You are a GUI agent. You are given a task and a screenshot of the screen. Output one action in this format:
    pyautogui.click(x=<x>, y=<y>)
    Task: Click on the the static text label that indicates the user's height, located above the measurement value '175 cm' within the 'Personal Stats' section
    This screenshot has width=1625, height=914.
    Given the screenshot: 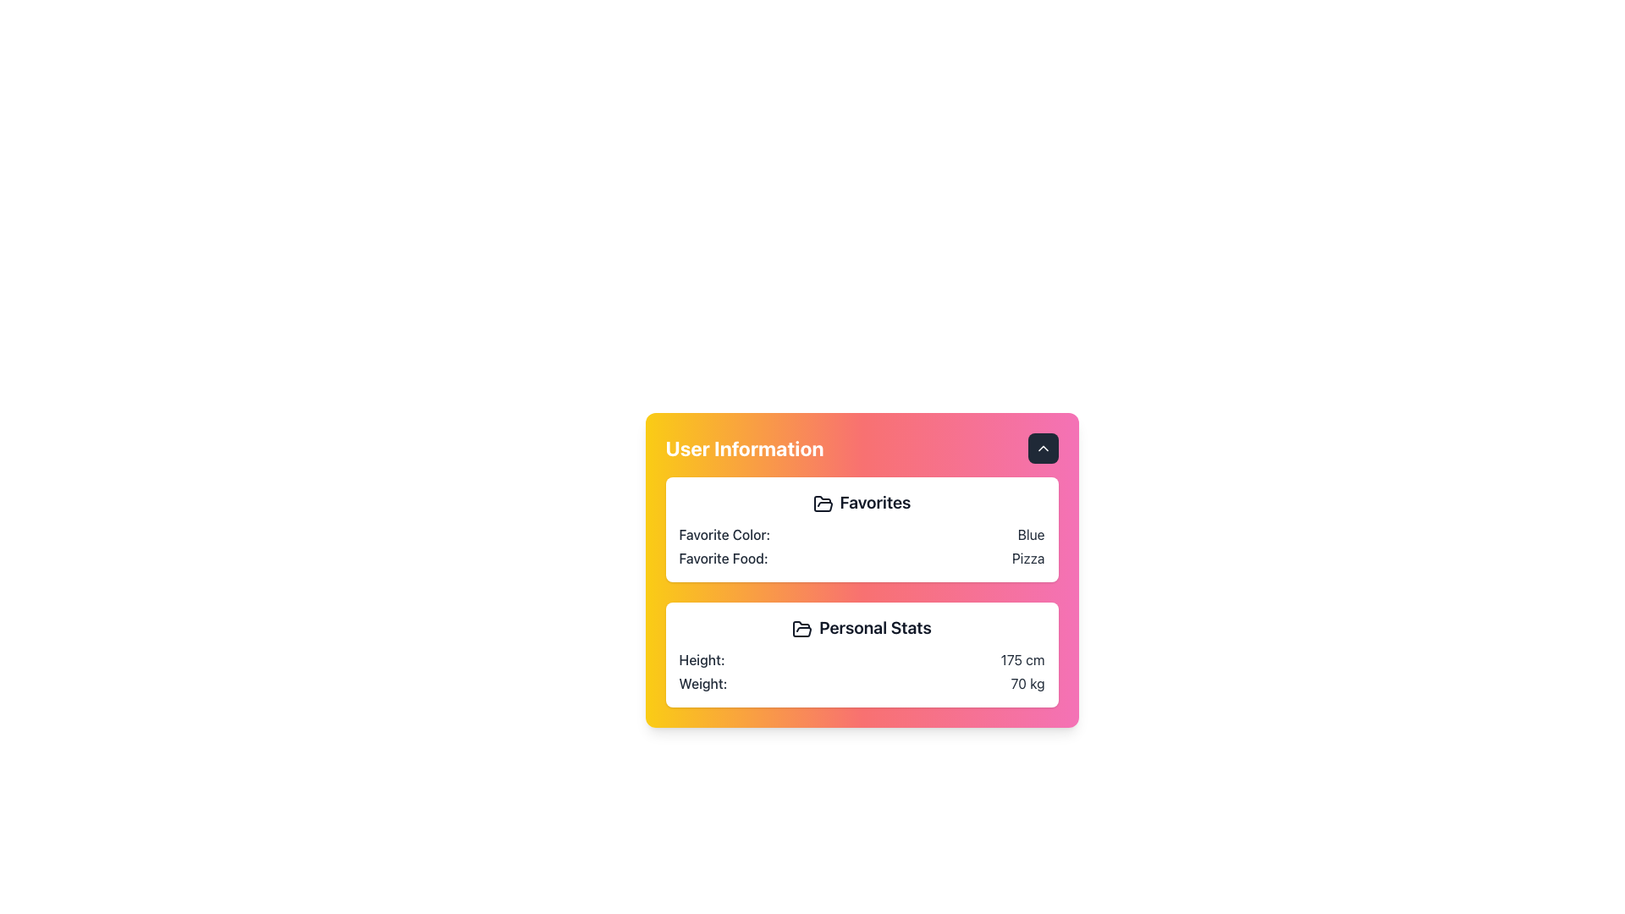 What is the action you would take?
    pyautogui.click(x=702, y=658)
    